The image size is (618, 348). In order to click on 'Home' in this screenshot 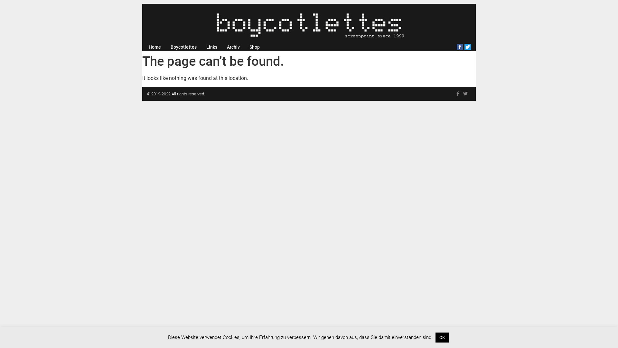, I will do `click(154, 47)`.